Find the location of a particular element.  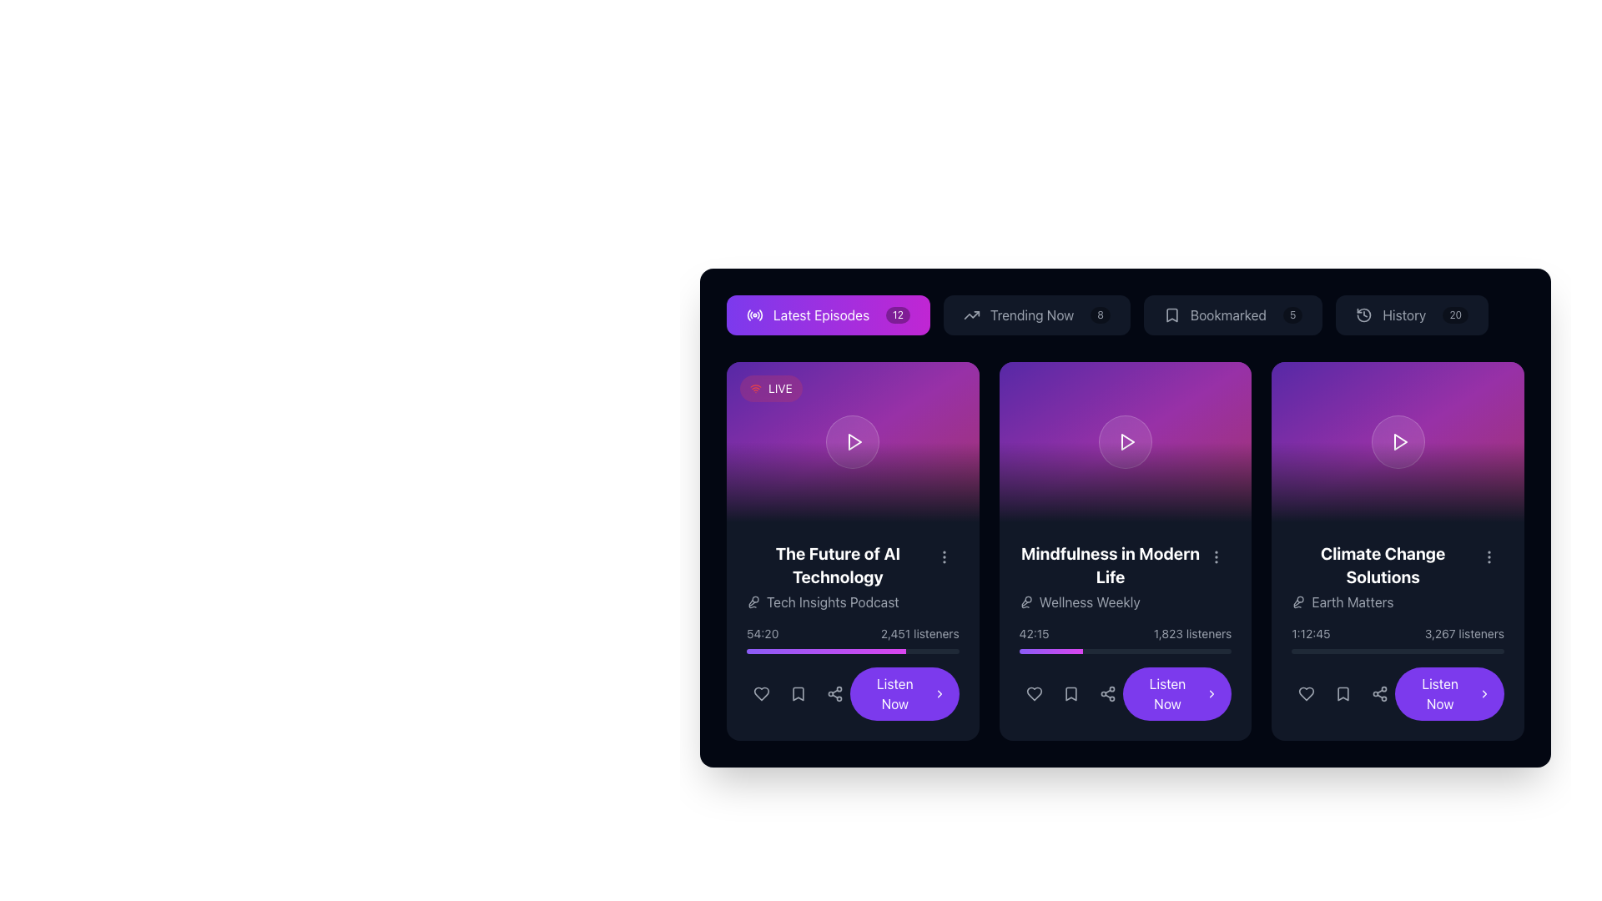

the progress of the Progress Bar located beneath the timestamp '54:20' and above the 'Listen Now' button in the lower section of the leftmost card is located at coordinates (853, 650).